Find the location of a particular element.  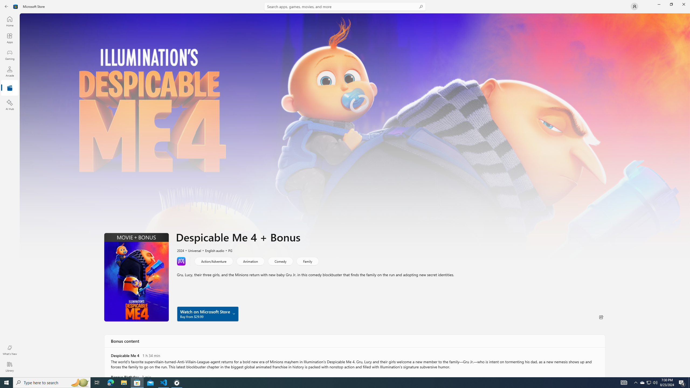

'PG' is located at coordinates (228, 250).